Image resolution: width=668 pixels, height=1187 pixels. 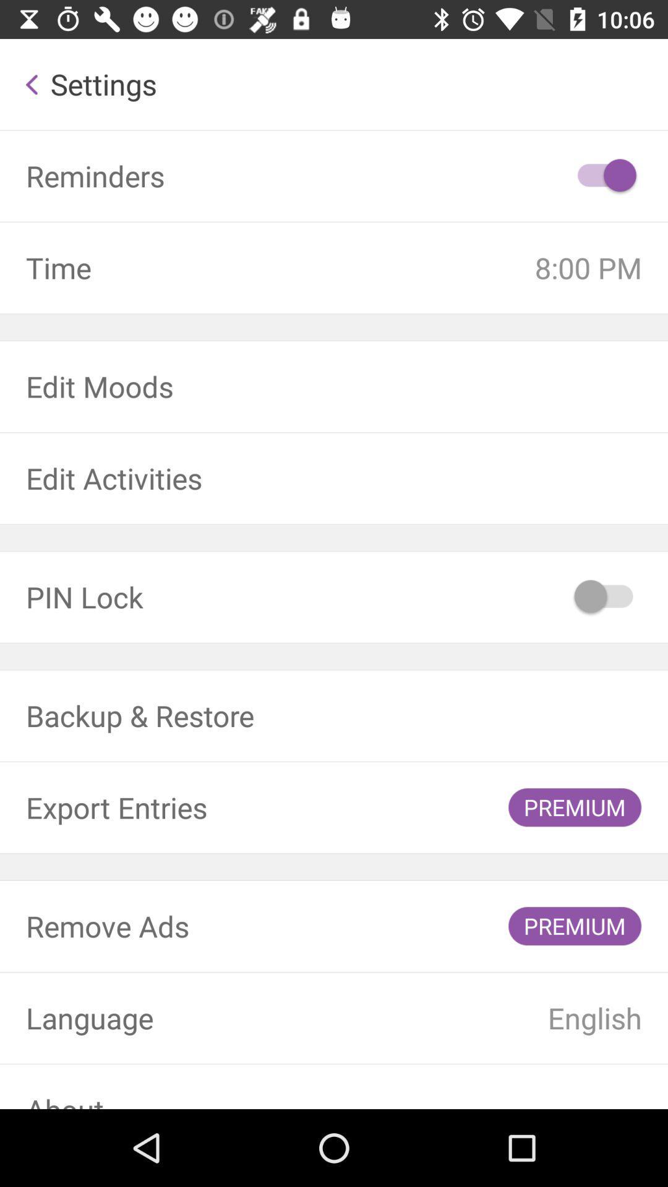 I want to click on pin lock on/off, so click(x=604, y=597).